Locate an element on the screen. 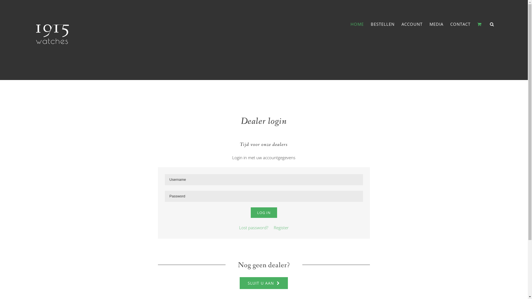 The image size is (532, 299). 'LOG IN' is located at coordinates (264, 212).